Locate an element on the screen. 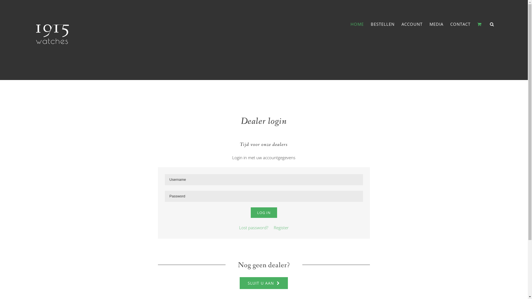 The image size is (532, 299). 'LOG IN' is located at coordinates (264, 212).